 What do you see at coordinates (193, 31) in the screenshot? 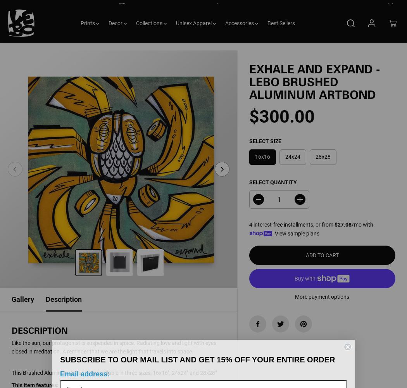
I see `'Unisex Apparel'` at bounding box center [193, 31].